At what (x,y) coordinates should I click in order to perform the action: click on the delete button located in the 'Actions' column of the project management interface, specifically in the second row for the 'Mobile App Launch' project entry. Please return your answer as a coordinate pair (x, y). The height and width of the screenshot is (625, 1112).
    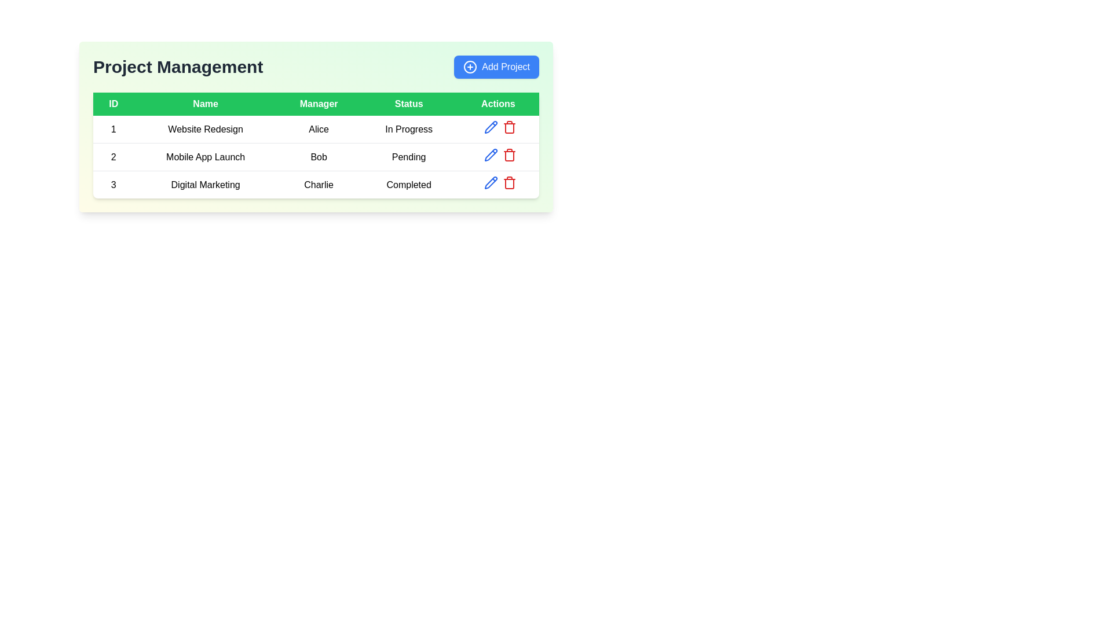
    Looking at the image, I should click on (510, 154).